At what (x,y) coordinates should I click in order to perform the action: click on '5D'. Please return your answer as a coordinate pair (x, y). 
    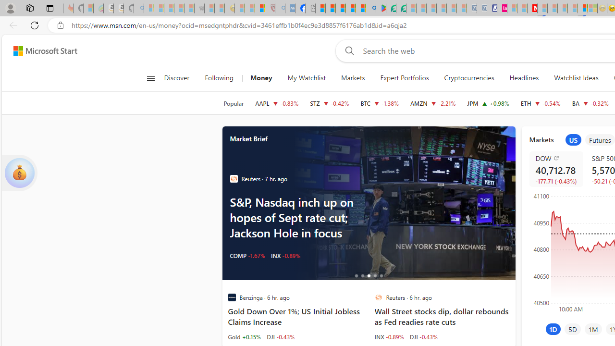
    Looking at the image, I should click on (573, 329).